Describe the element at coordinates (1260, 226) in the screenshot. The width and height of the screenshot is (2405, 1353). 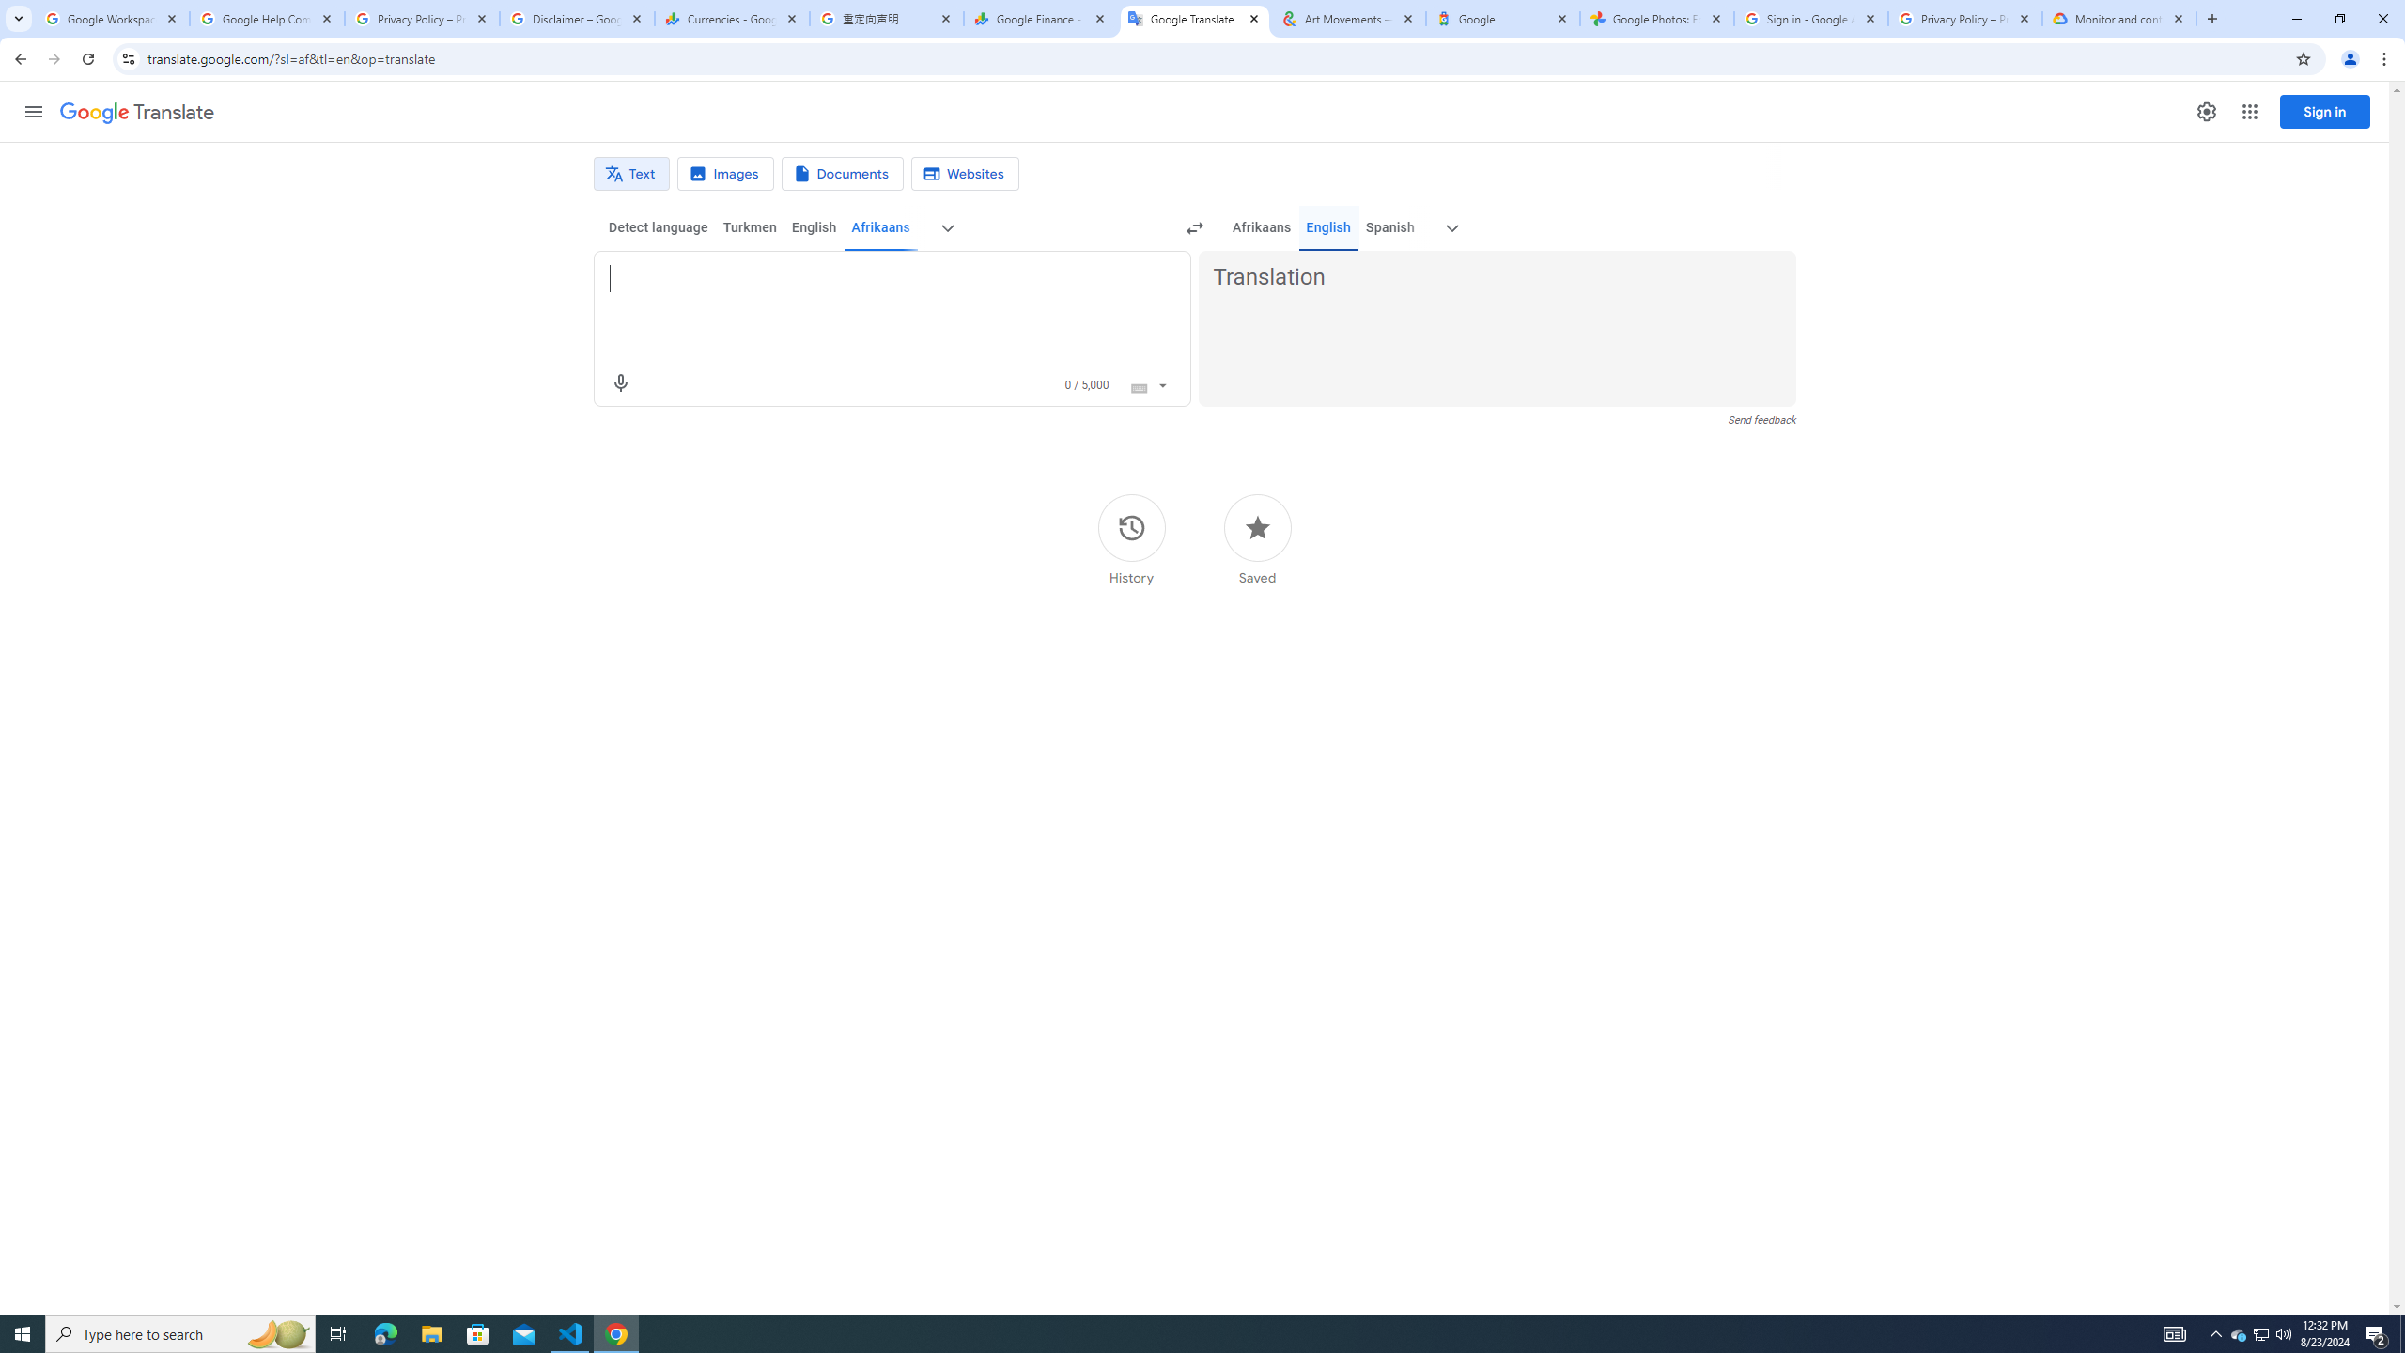
I see `'Afrikaans'` at that location.